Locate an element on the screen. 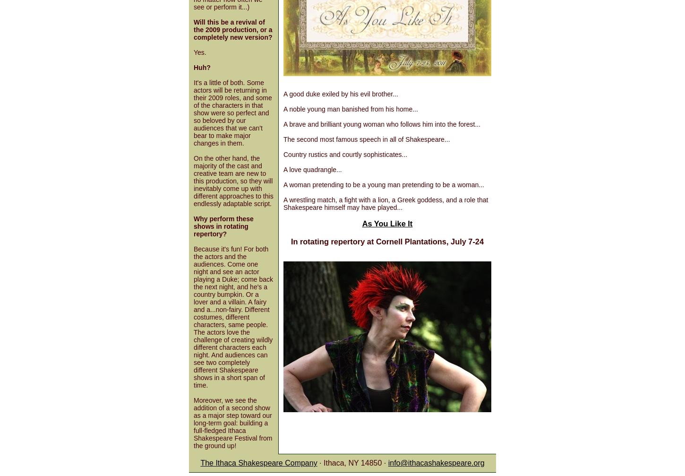 The height and width of the screenshot is (476, 685). 'A noble young man banished from his home...' is located at coordinates (350, 109).